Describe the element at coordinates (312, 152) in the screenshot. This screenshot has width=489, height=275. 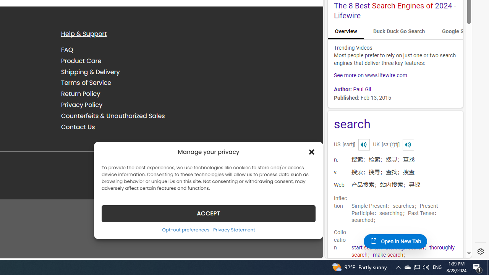
I see `'Class: cmplz-close'` at that location.